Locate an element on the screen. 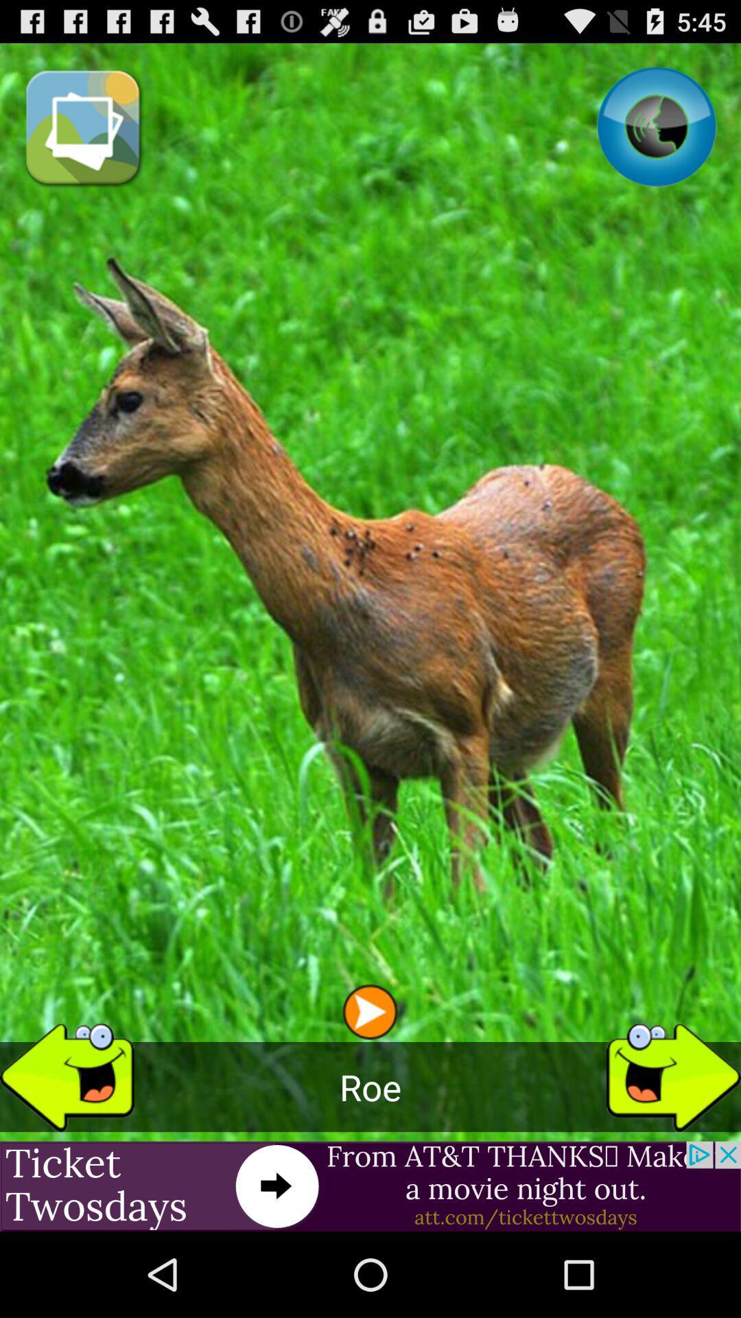  item at the top right corner is located at coordinates (656, 127).